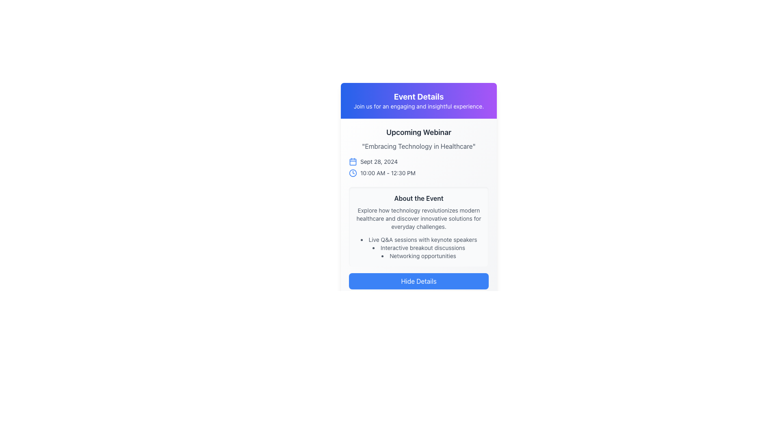 The height and width of the screenshot is (439, 780). Describe the element at coordinates (353, 161) in the screenshot. I see `the calendar icon using tab navigation` at that location.